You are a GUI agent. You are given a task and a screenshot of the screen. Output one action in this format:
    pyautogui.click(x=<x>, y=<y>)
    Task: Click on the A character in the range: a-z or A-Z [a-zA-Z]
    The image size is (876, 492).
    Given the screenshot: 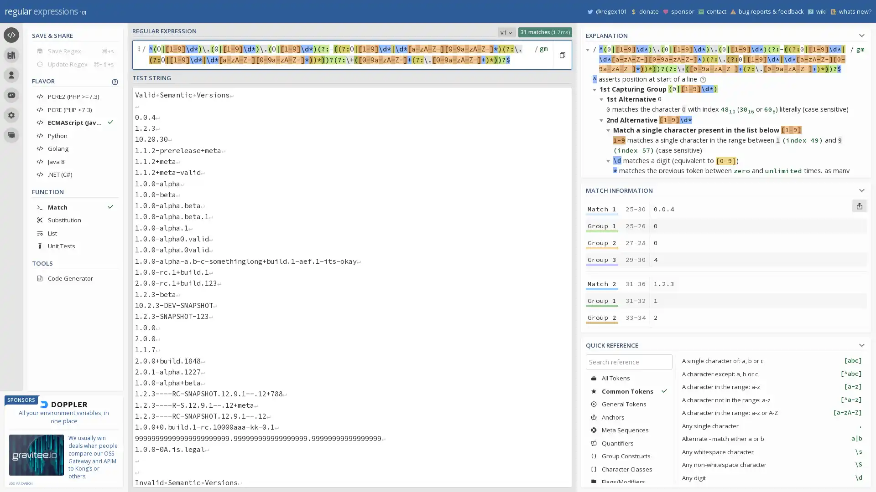 What is the action you would take?
    pyautogui.click(x=772, y=413)
    